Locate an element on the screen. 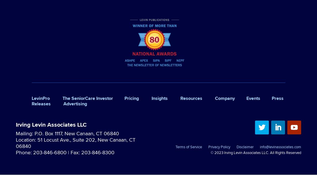 This screenshot has height=175, width=317. 'Location: 51 Locust Ave., Suite 202, New Canaan, CT 06840' is located at coordinates (76, 142).